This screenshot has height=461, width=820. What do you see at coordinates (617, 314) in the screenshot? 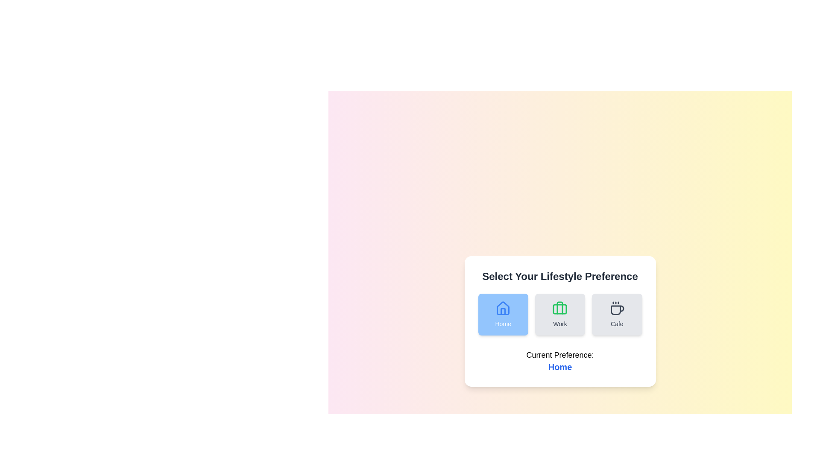
I see `the 'Cafe' button in the lifestyle selection interface` at bounding box center [617, 314].